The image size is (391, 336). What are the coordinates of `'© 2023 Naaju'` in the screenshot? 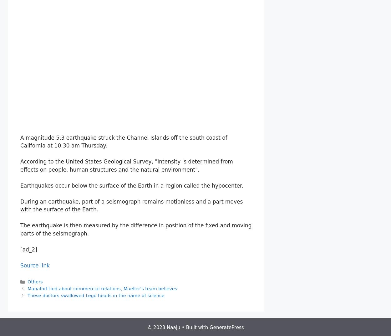 It's located at (164, 327).